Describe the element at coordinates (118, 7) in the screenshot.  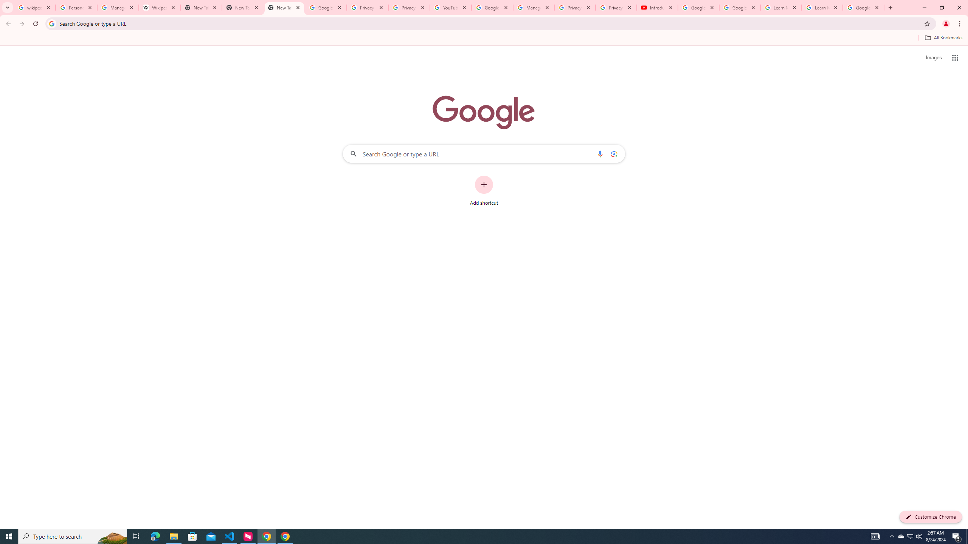
I see `'Manage your Location History - Google Search Help'` at that location.